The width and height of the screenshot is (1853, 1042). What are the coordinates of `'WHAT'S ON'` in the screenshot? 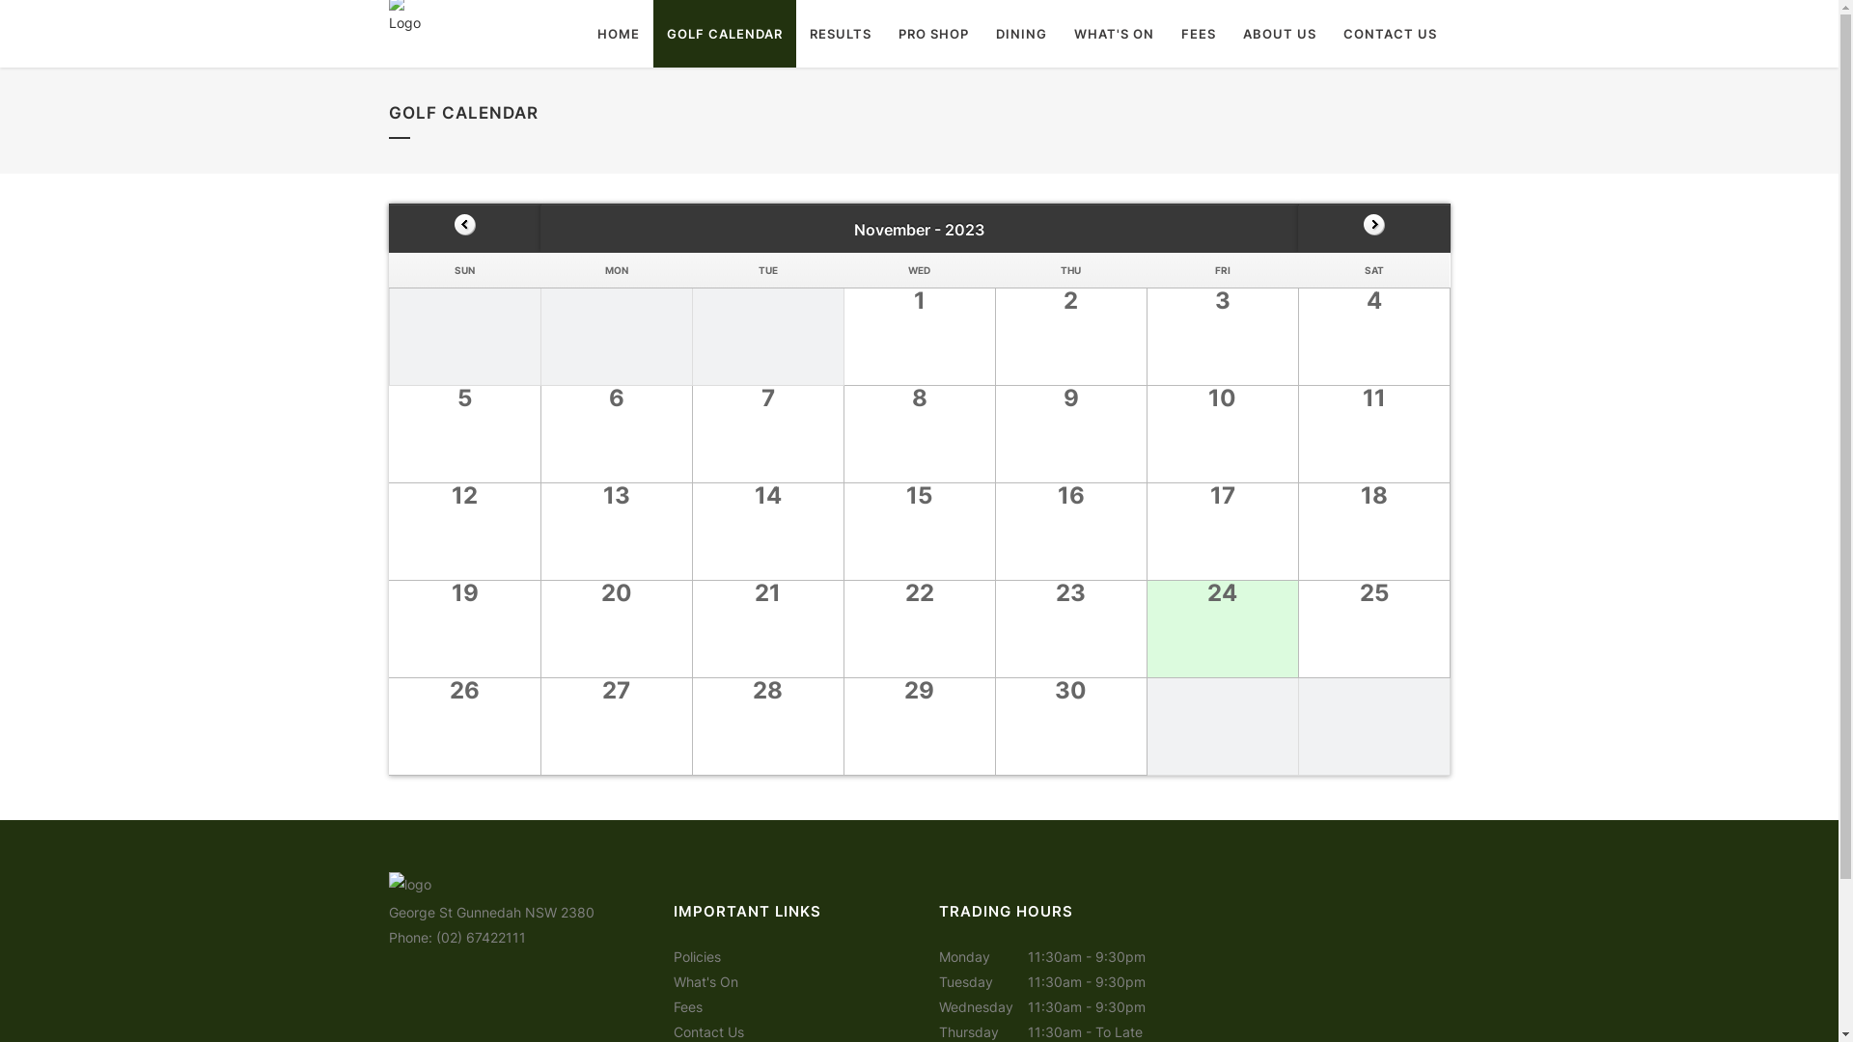 It's located at (1113, 33).